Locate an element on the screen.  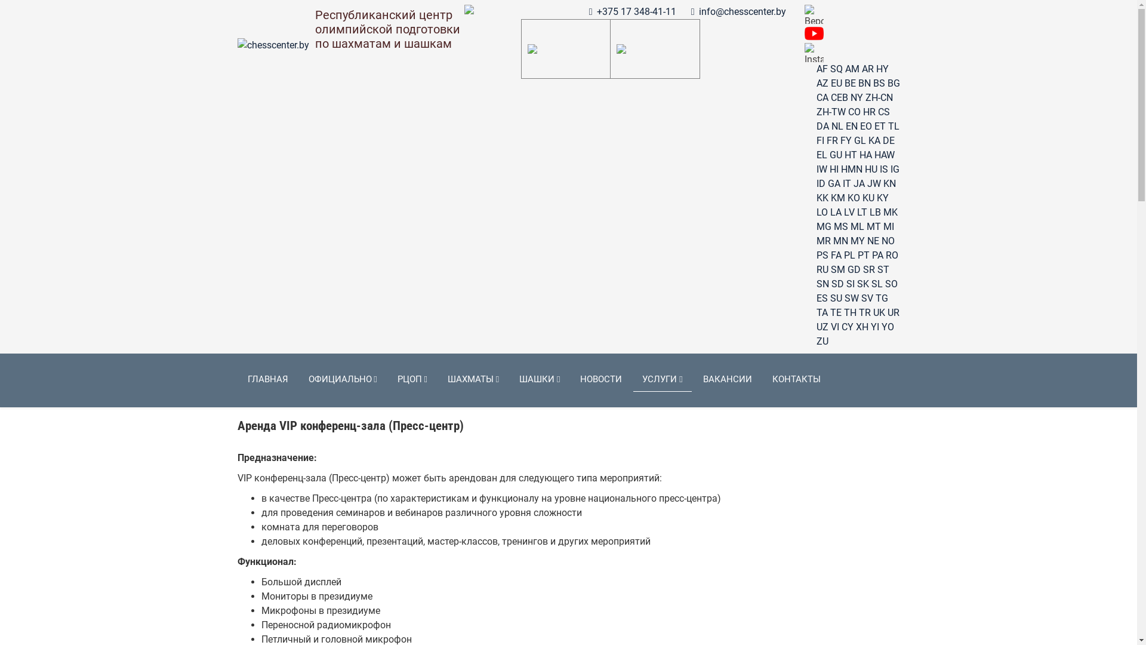
'ZU' is located at coordinates (816, 341).